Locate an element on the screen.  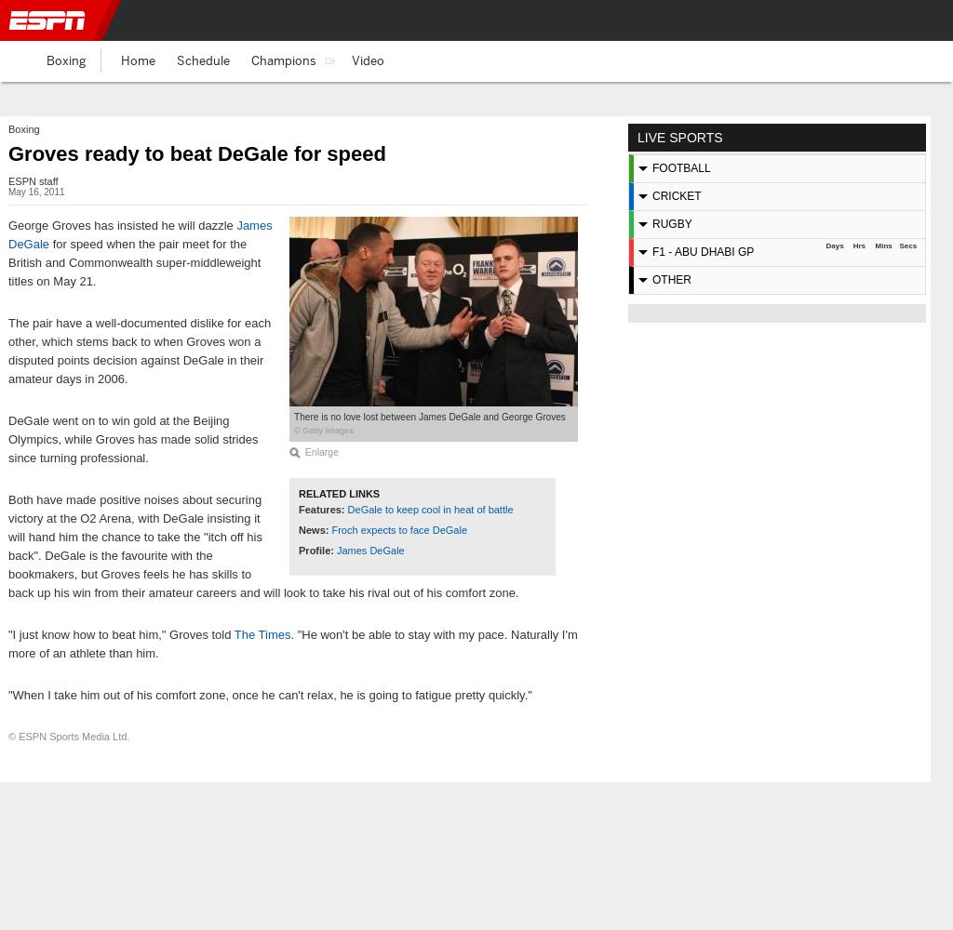
'May 16, 2011' is located at coordinates (36, 191).